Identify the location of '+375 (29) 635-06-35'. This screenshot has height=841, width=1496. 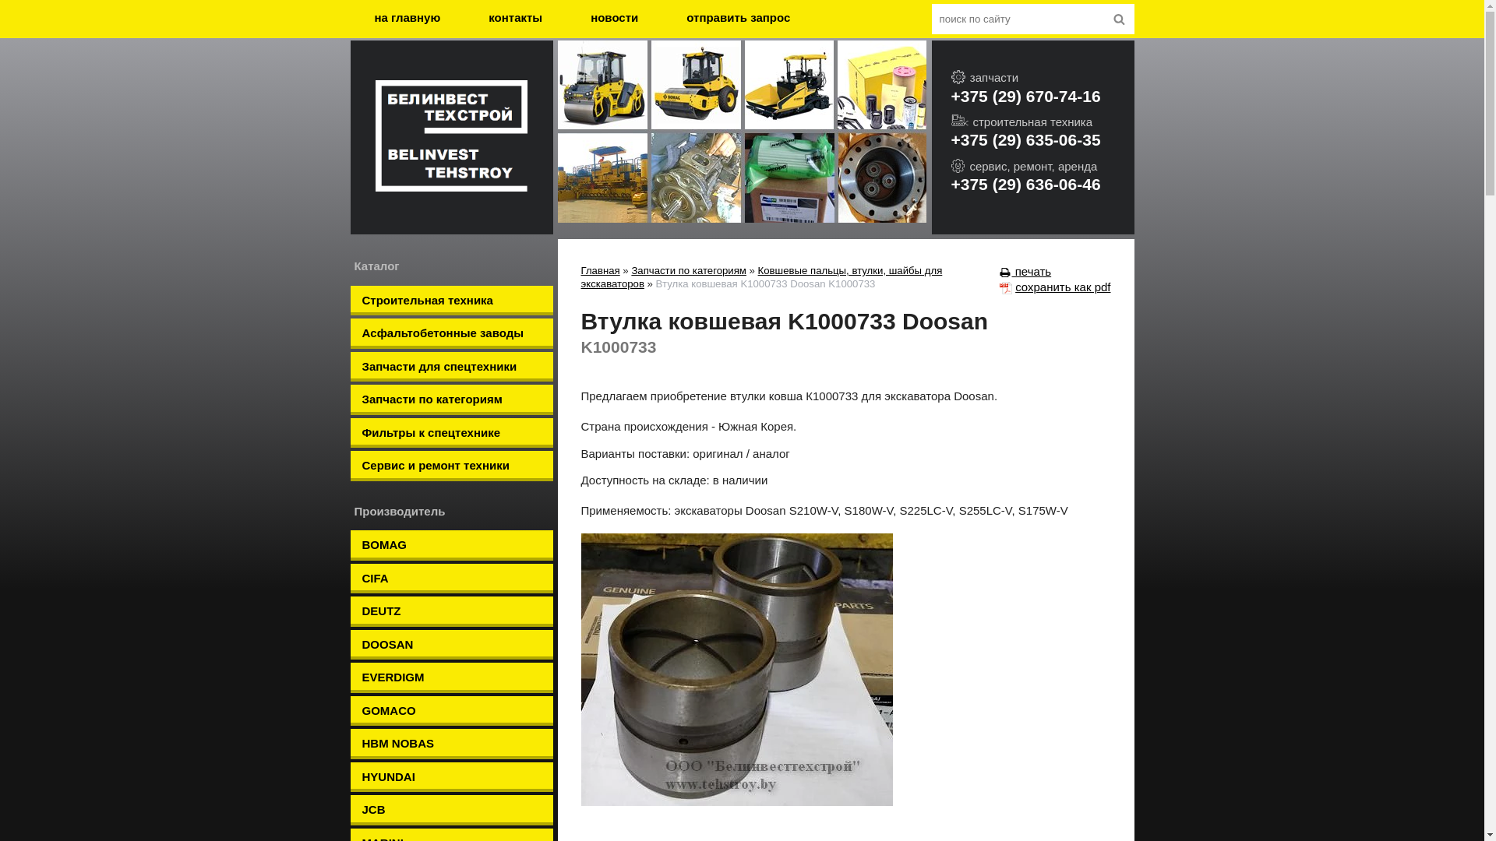
(1042, 139).